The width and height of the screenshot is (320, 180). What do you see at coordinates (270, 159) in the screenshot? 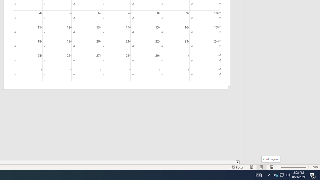
I see `'Print Layout'` at bounding box center [270, 159].